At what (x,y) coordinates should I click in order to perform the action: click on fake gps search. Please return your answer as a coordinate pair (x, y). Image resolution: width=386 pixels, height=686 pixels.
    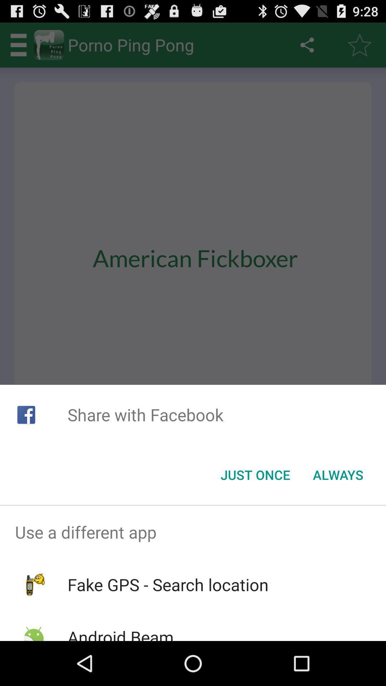
    Looking at the image, I should click on (168, 585).